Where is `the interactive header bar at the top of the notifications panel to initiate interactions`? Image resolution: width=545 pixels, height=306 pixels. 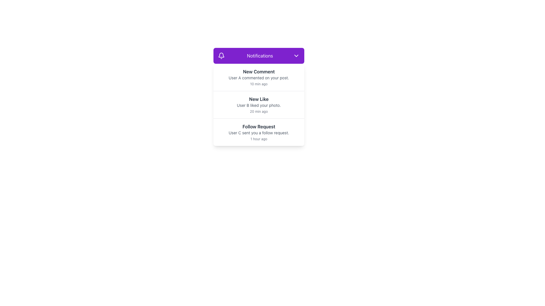 the interactive header bar at the top of the notifications panel to initiate interactions is located at coordinates (259, 56).